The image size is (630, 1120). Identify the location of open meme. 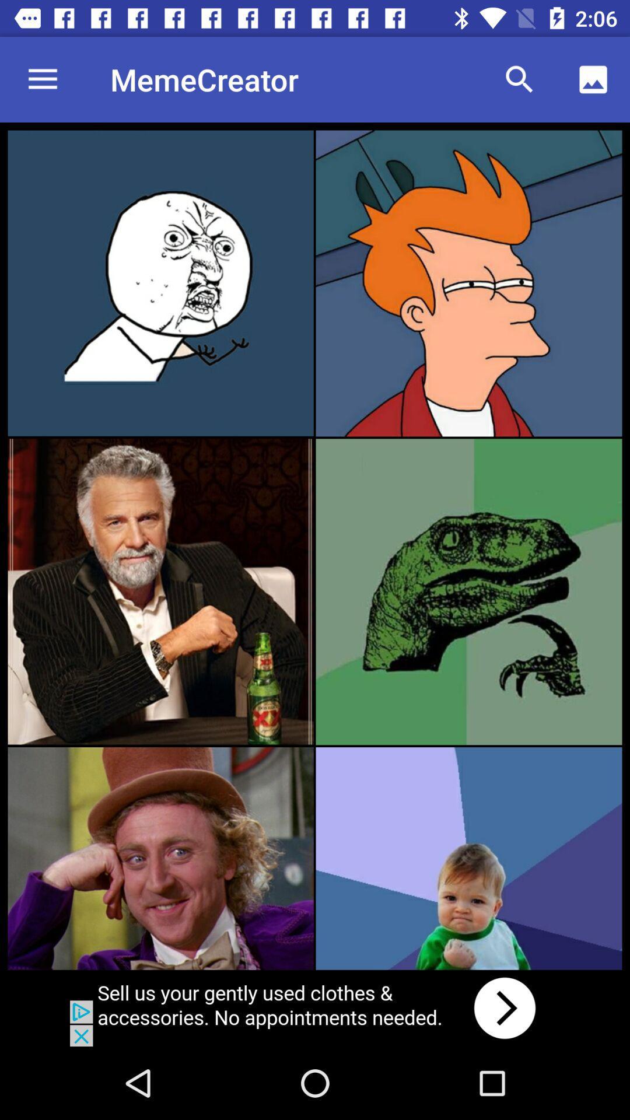
(468, 858).